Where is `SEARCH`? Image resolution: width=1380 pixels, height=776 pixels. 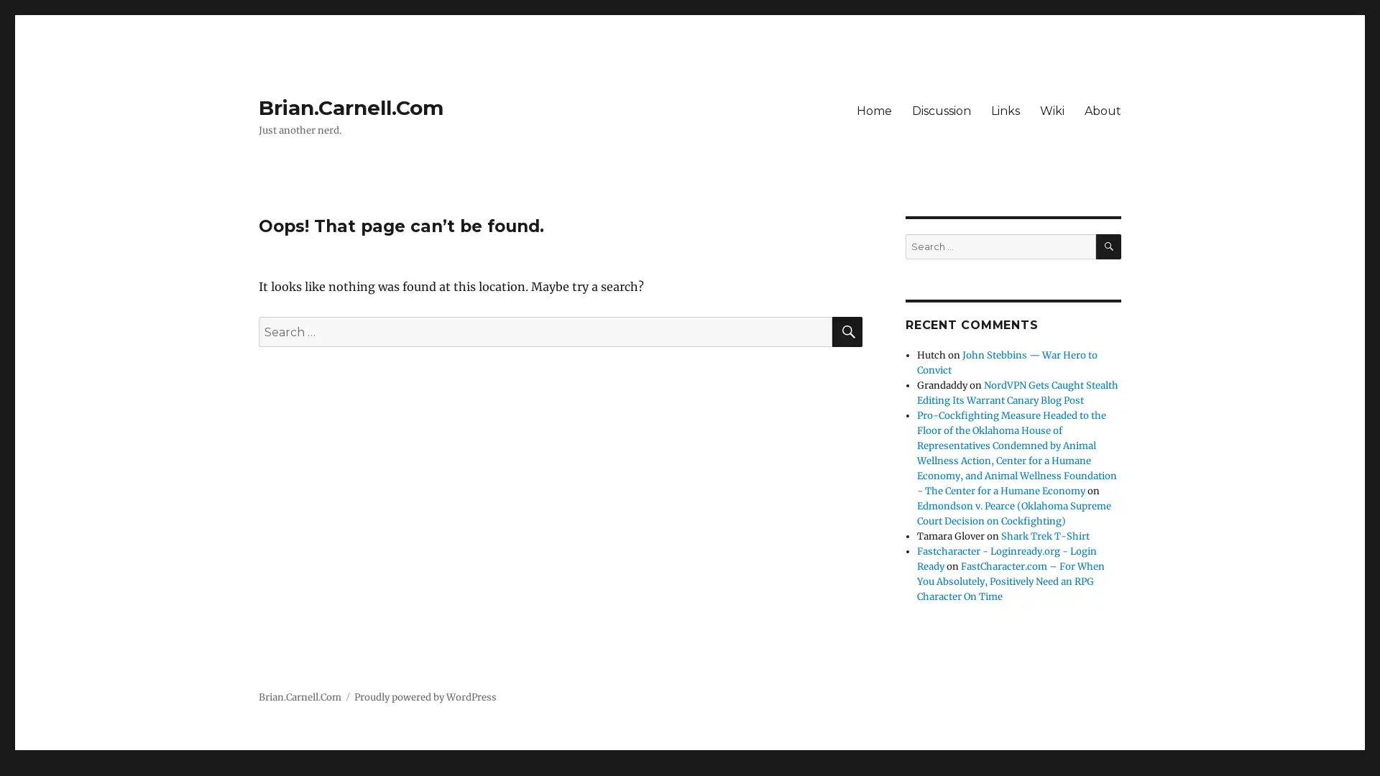
SEARCH is located at coordinates (1108, 246).